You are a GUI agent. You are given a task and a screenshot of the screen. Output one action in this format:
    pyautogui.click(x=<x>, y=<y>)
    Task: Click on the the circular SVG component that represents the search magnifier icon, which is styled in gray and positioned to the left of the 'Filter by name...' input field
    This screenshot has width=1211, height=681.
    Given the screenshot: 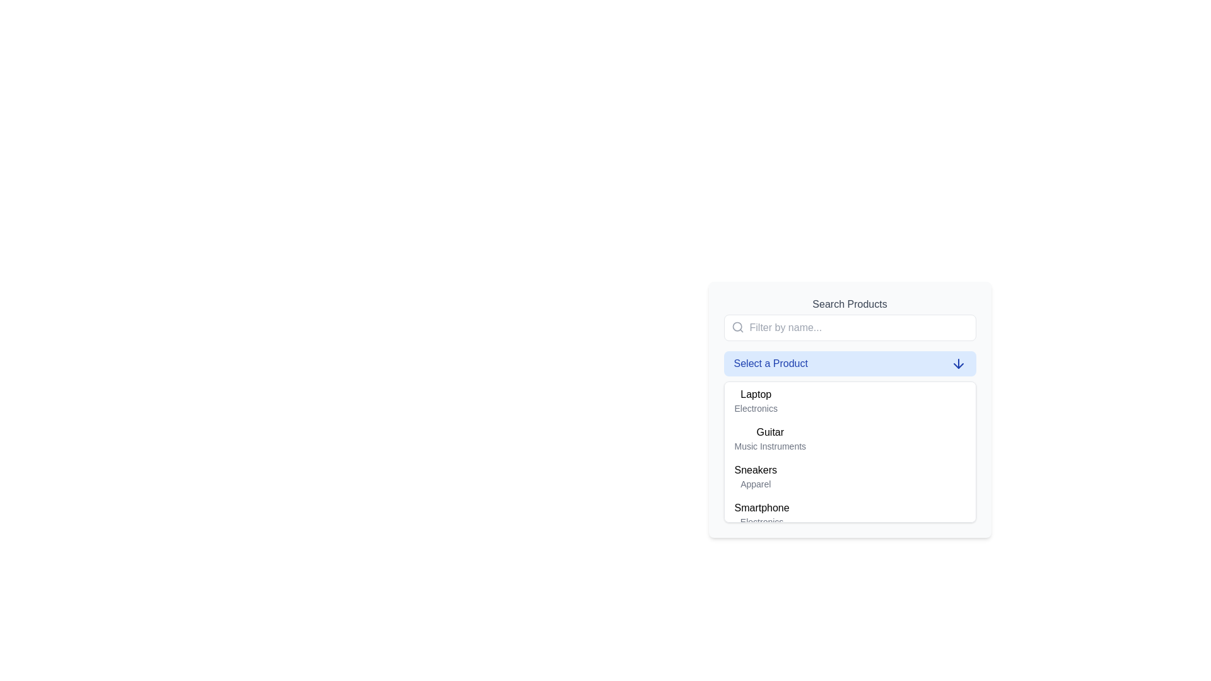 What is the action you would take?
    pyautogui.click(x=737, y=326)
    